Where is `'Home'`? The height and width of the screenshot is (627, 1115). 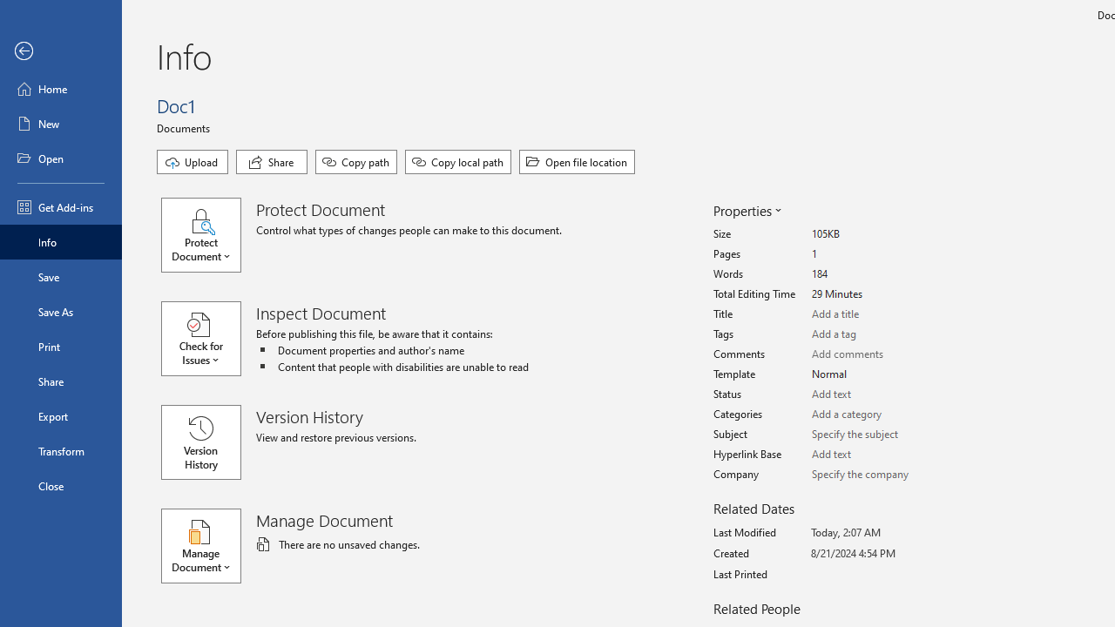 'Home' is located at coordinates (60, 88).